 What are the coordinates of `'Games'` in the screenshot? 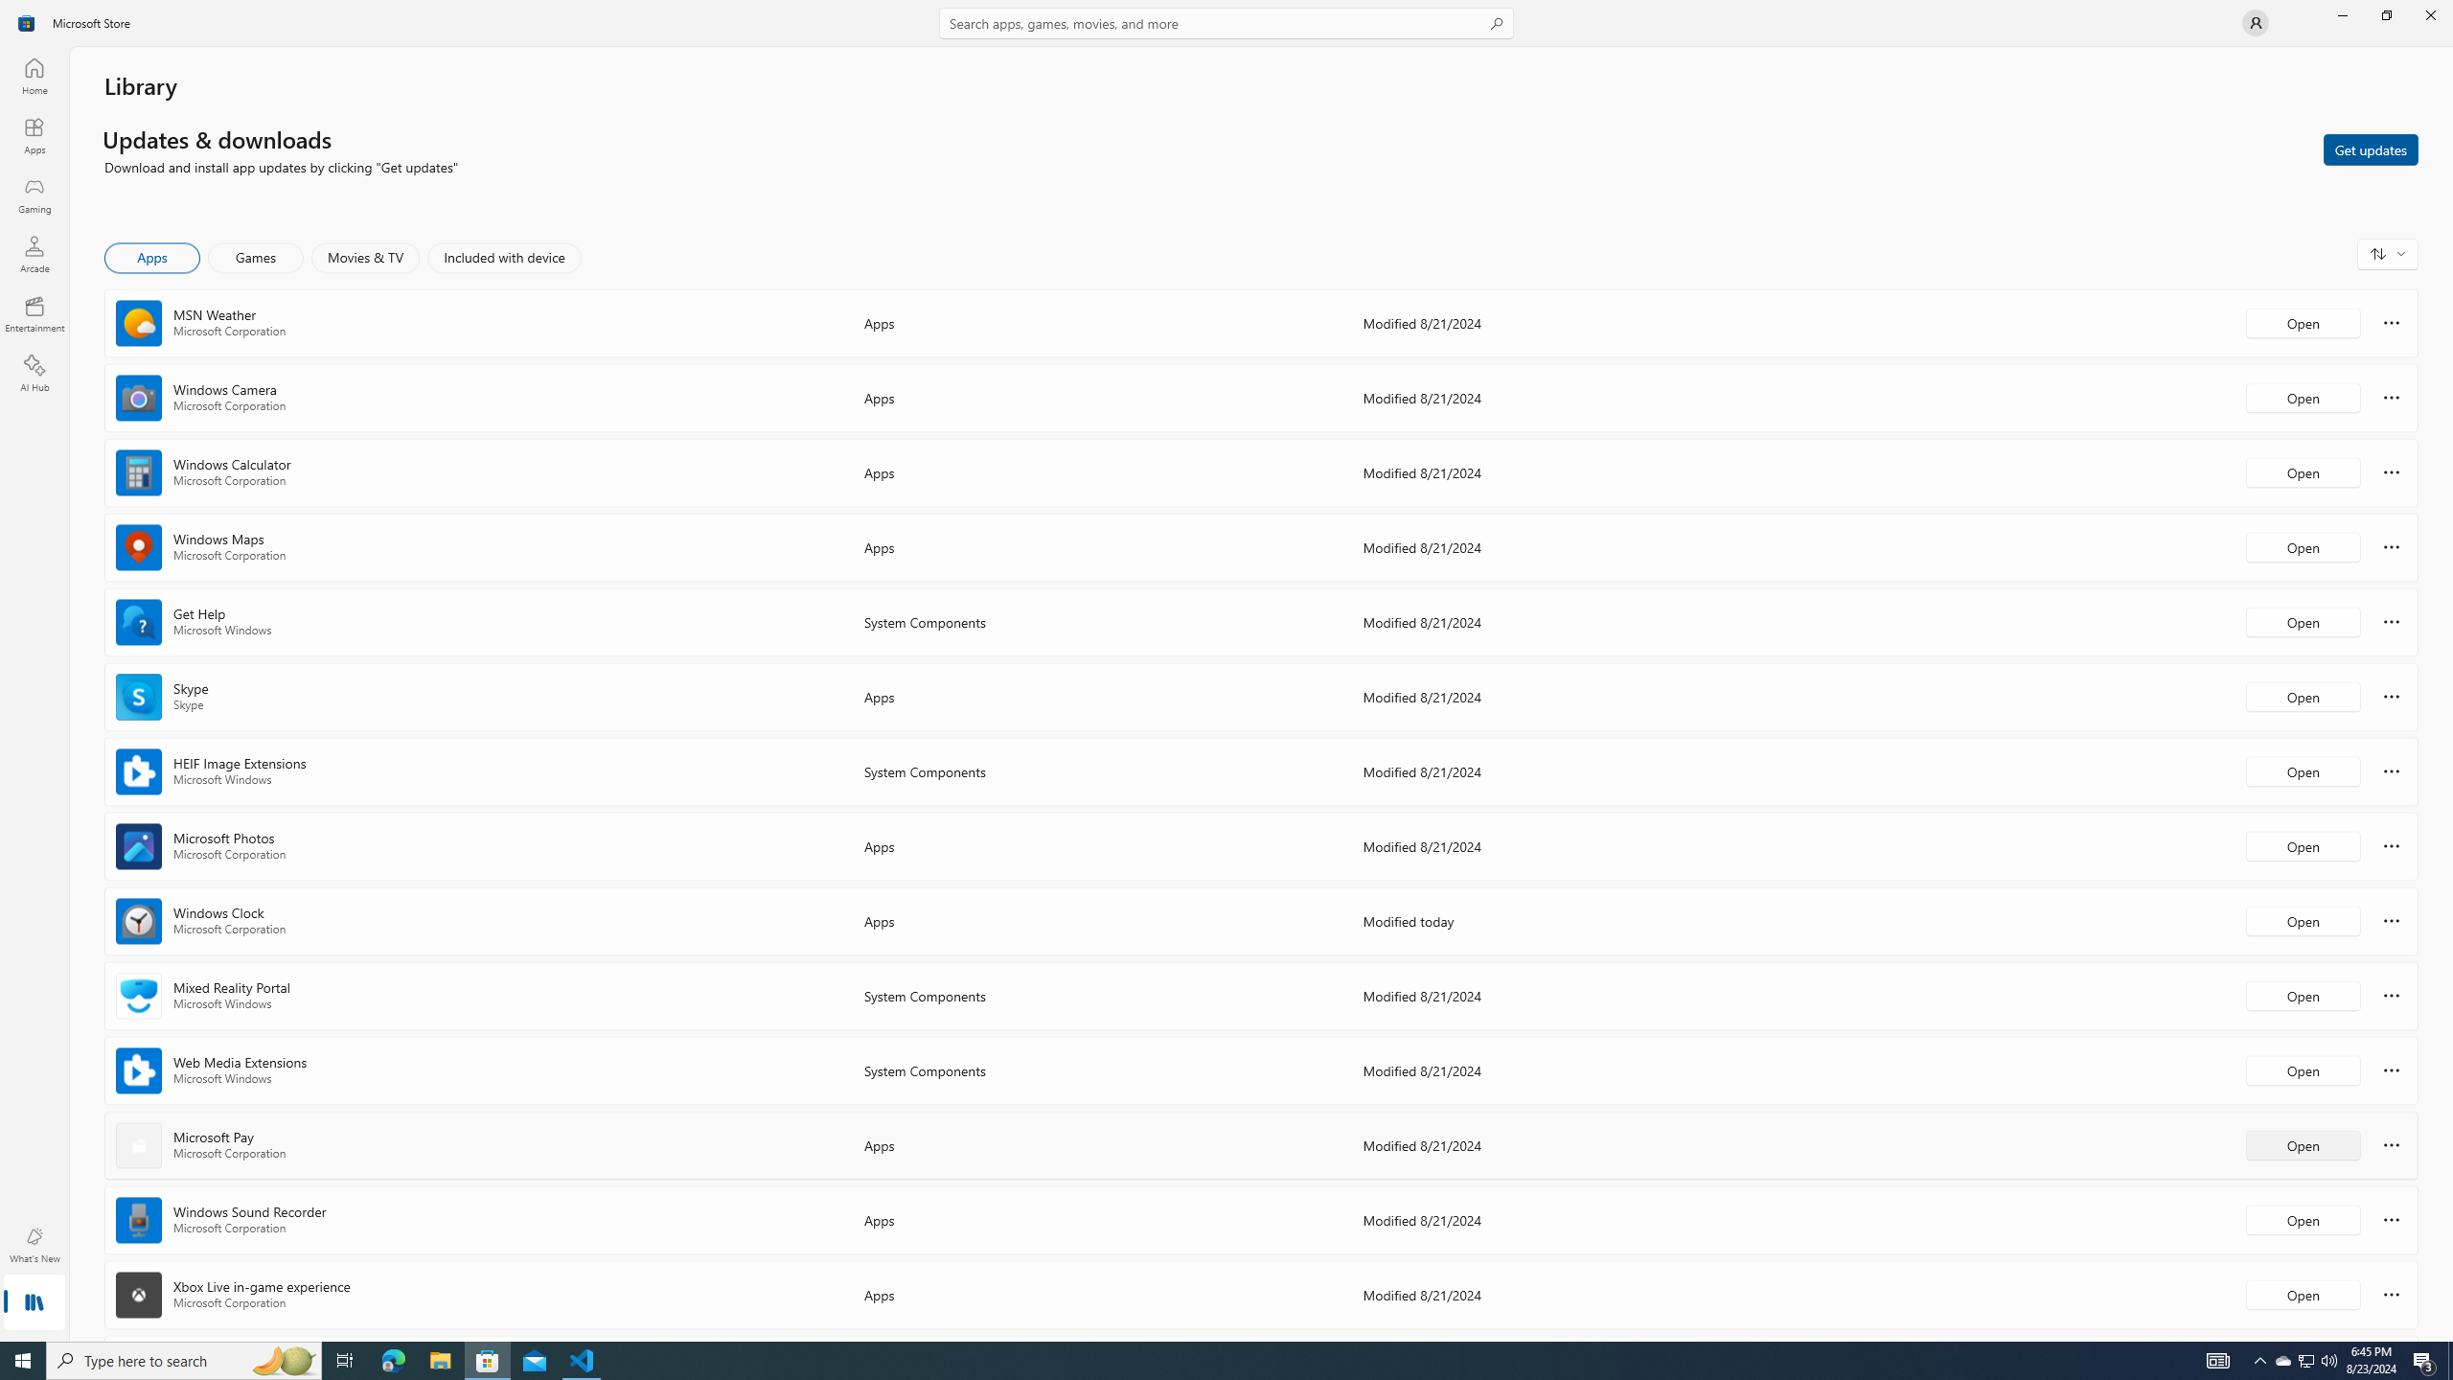 It's located at (255, 257).